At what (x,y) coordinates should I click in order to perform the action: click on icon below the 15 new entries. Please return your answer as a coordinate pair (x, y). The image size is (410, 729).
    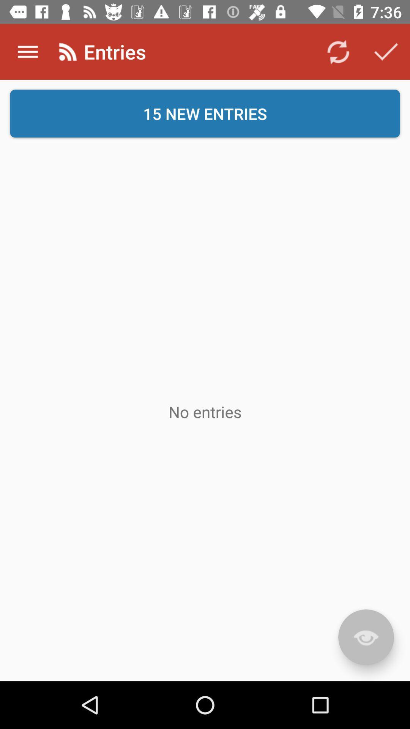
    Looking at the image, I should click on (205, 411).